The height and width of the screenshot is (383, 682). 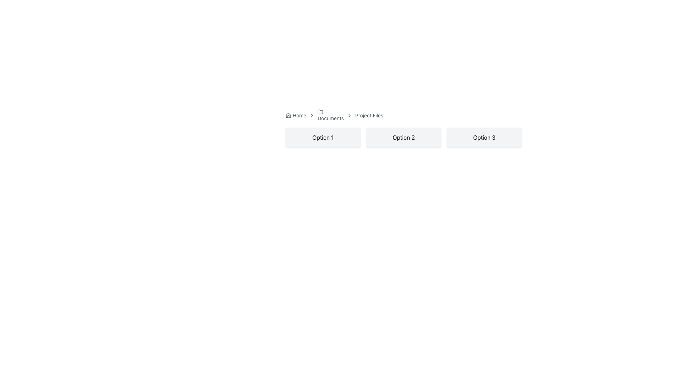 What do you see at coordinates (369, 115) in the screenshot?
I see `the 'Project Files' breadcrumb navigation label, which indicates the current page context and is positioned after the 'Documents' label in the breadcrumb navigation bar` at bounding box center [369, 115].